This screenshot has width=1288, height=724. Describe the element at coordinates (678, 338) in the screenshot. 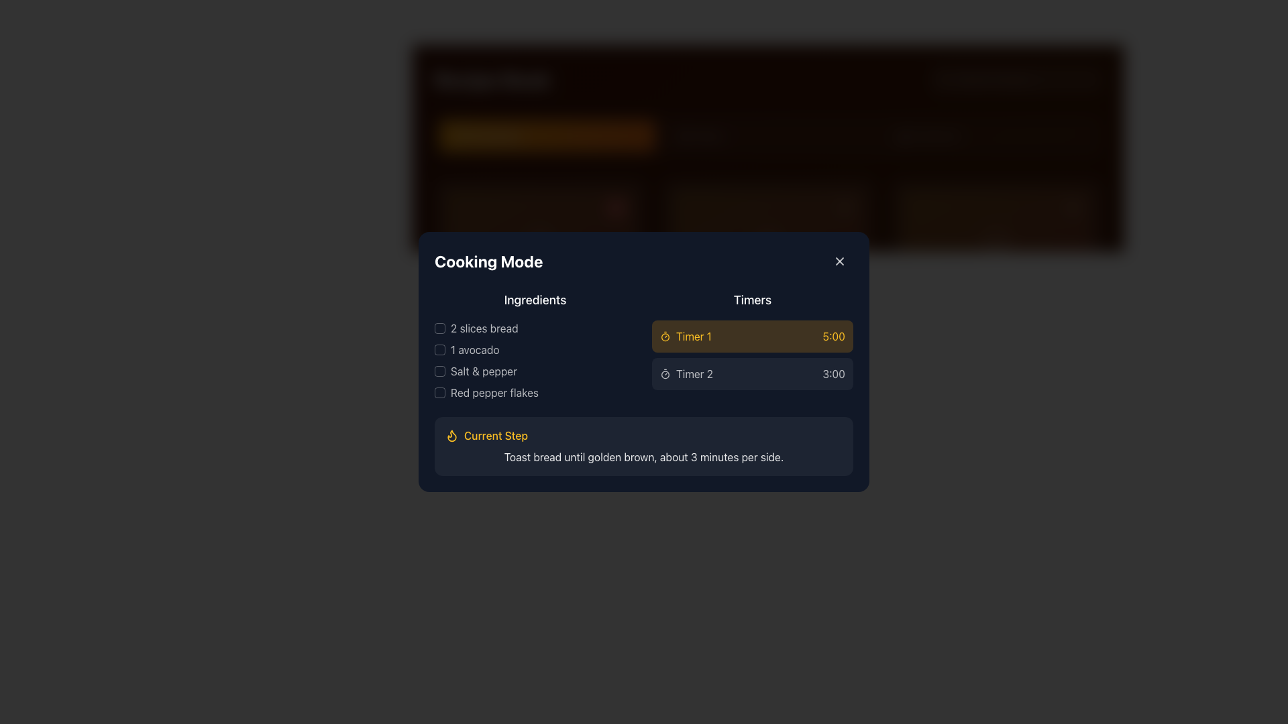

I see `the clock icon that serves as a visual indicator of a timer, located in the 'Timers' section of the 'Cooking Mode' dialog box, positioned to the left of the text '25 mins'` at that location.